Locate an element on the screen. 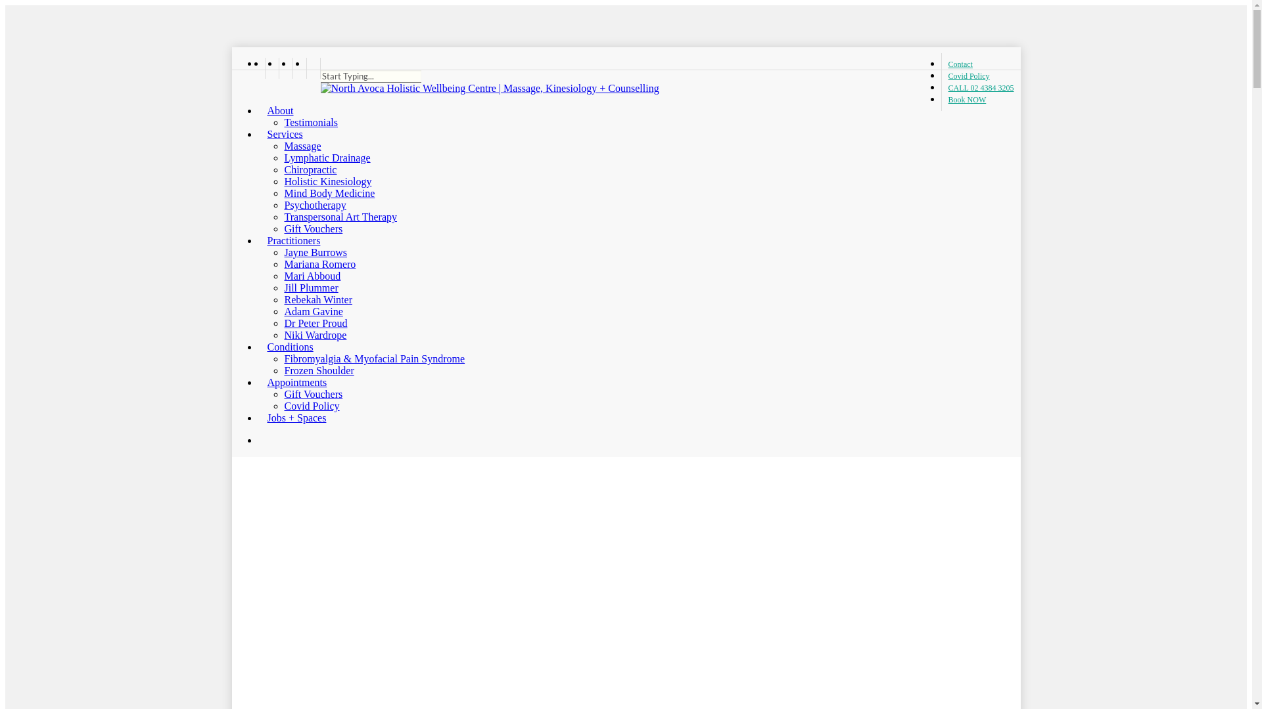 The width and height of the screenshot is (1262, 709). 'Frozen Shoulder' is located at coordinates (283, 370).